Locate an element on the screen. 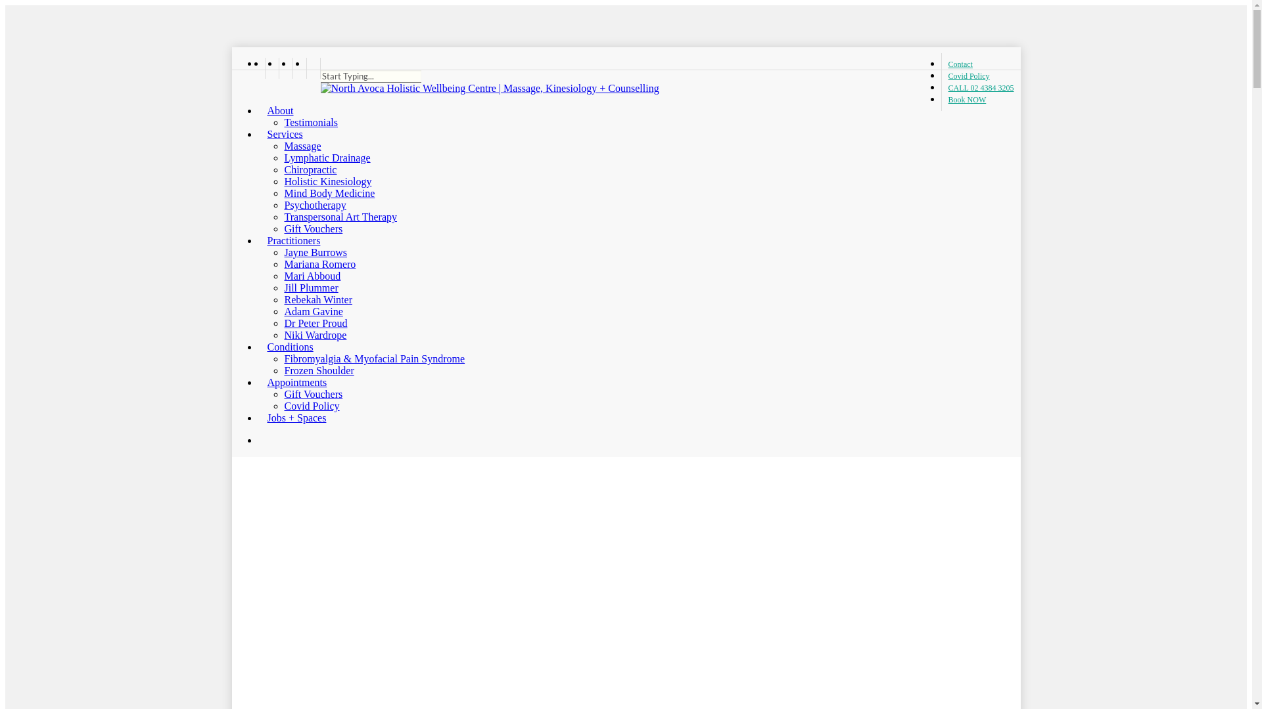 The width and height of the screenshot is (1262, 709). 'Frozen Shoulder' is located at coordinates (283, 370).